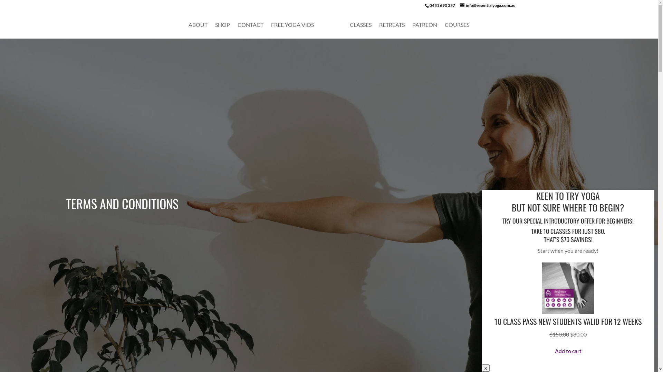  What do you see at coordinates (568, 351) in the screenshot?
I see `'Add to cart'` at bounding box center [568, 351].